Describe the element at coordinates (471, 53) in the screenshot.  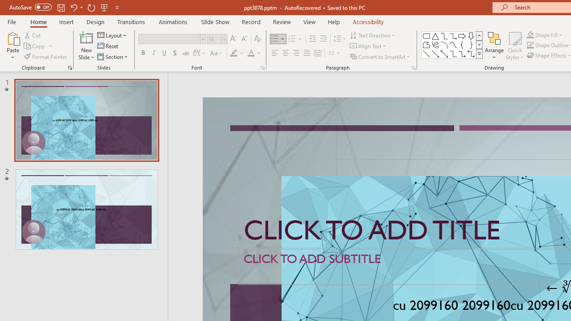
I see `'Connector: Elbow Double-Arrow'` at that location.